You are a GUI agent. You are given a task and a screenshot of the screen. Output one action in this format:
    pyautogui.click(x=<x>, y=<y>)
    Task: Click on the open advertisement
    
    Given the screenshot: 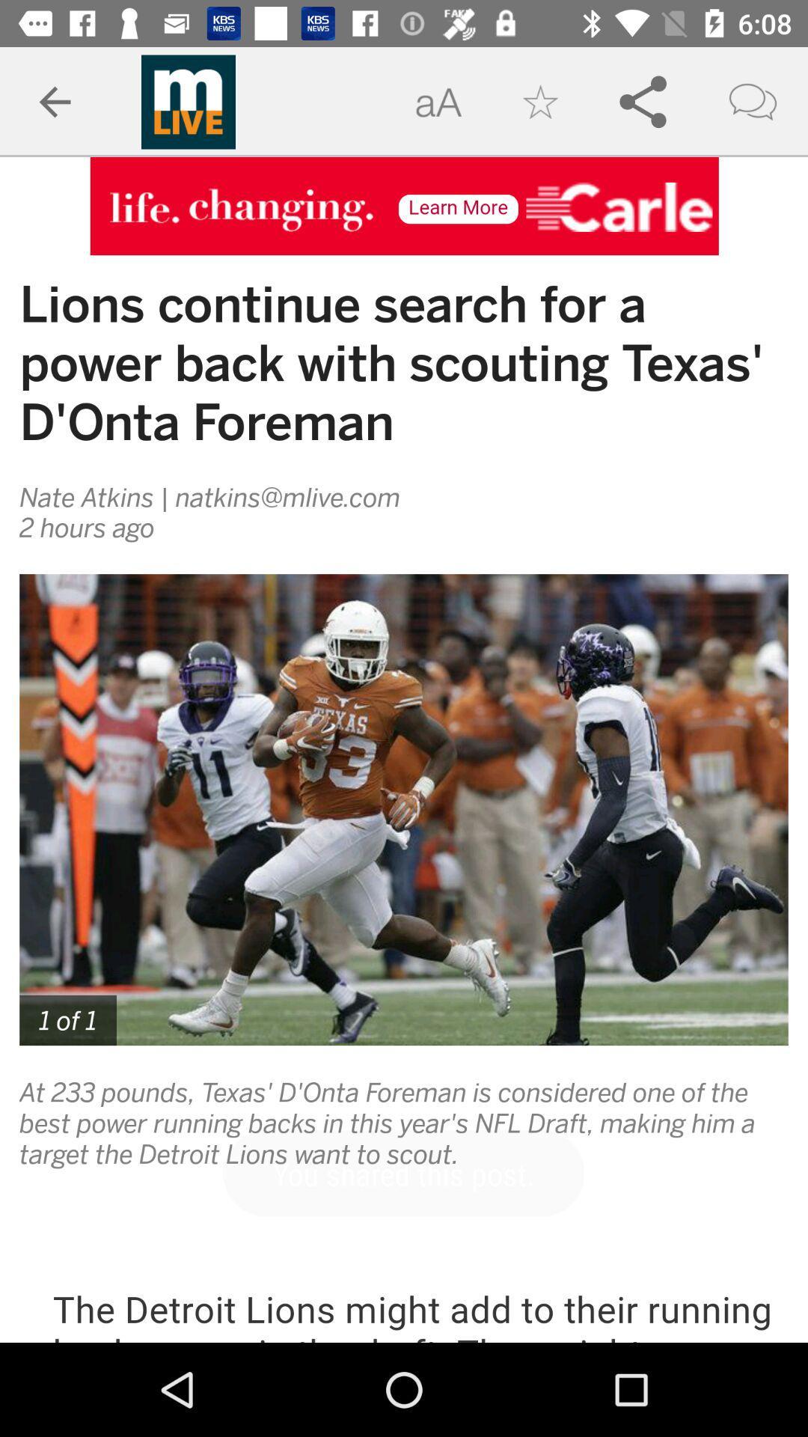 What is the action you would take?
    pyautogui.click(x=404, y=205)
    